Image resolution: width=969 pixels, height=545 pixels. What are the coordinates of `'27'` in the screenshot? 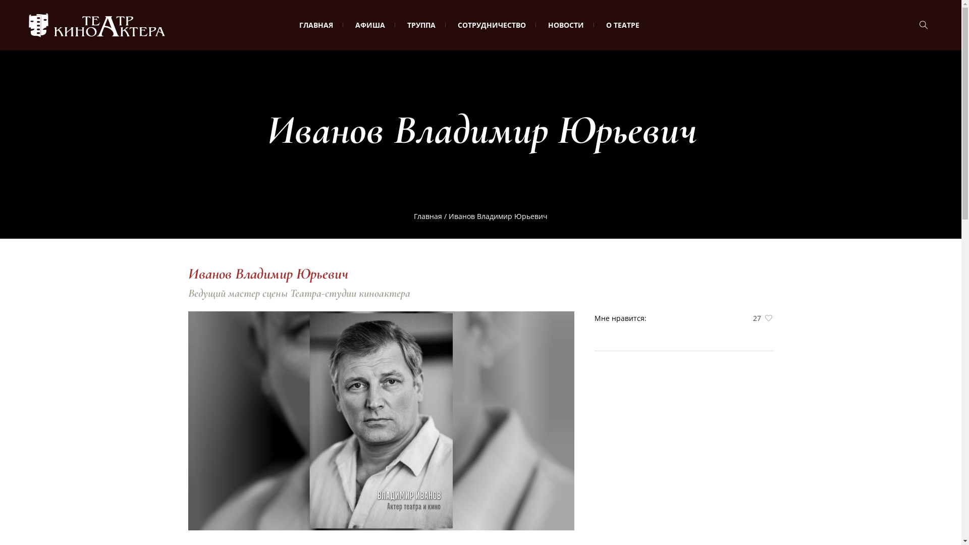 It's located at (756, 318).